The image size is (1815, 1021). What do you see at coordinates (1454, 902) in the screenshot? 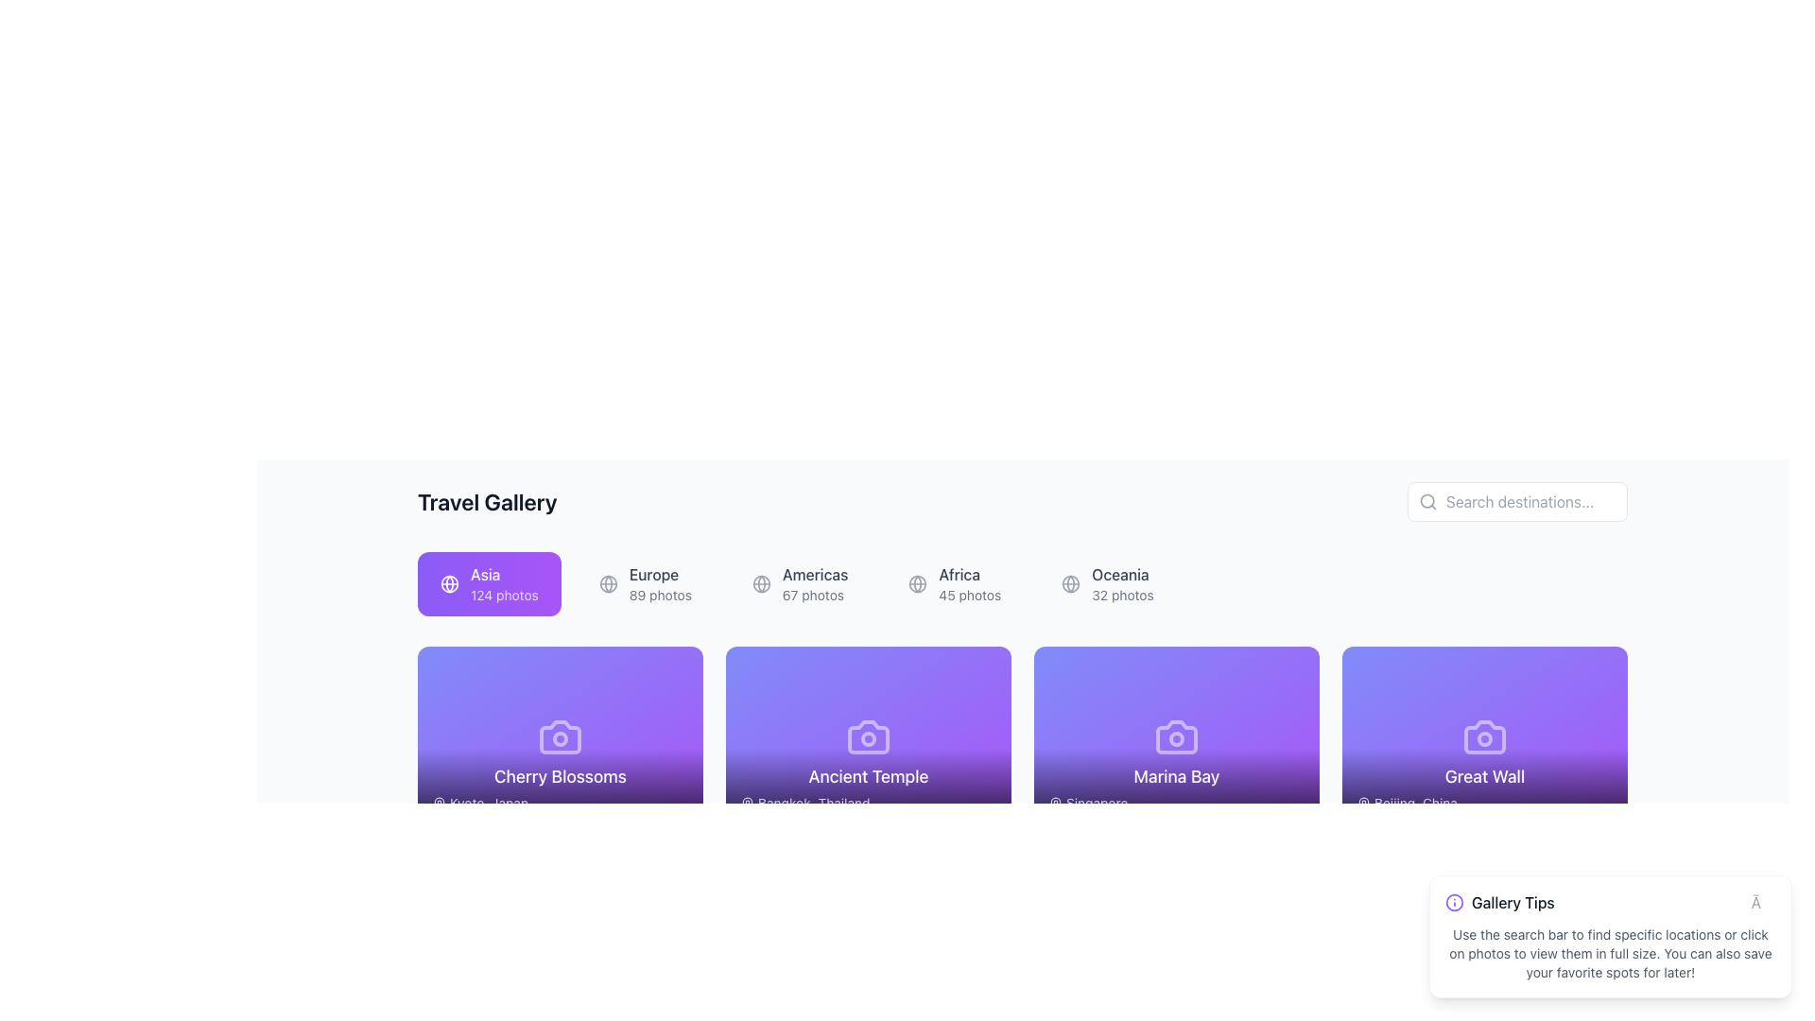
I see `the circle element inside the 'Gallery Tips' notification box, which serves as a visual cue for information` at bounding box center [1454, 902].